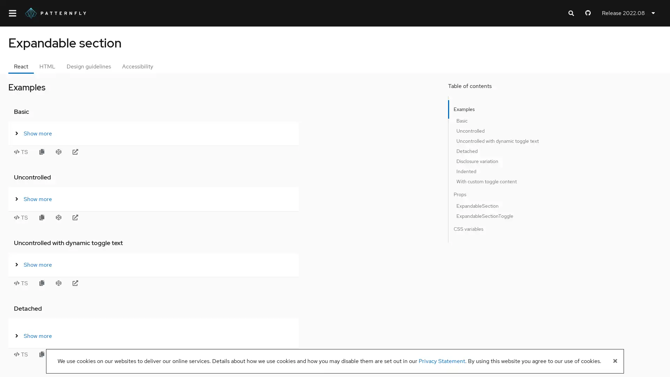 Image resolution: width=670 pixels, height=377 pixels. Describe the element at coordinates (137, 335) in the screenshot. I see `Show more` at that location.